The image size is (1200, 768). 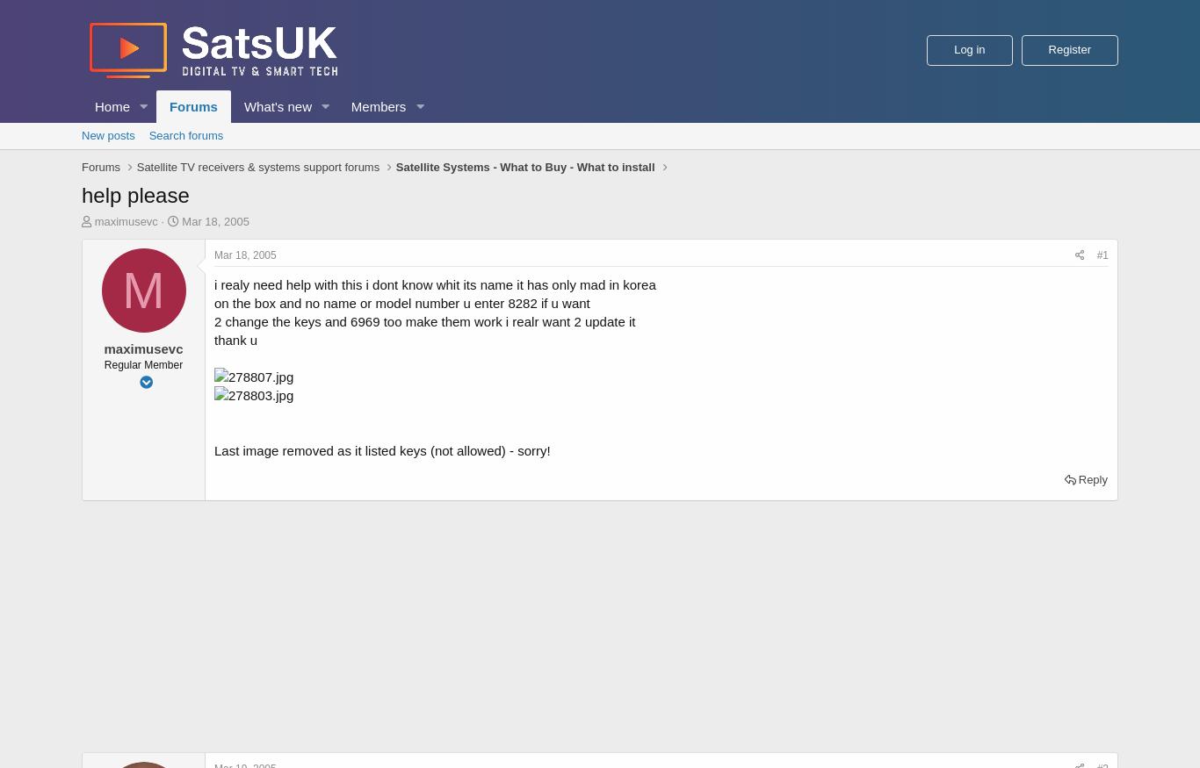 I want to click on 'Regular Member', so click(x=141, y=363).